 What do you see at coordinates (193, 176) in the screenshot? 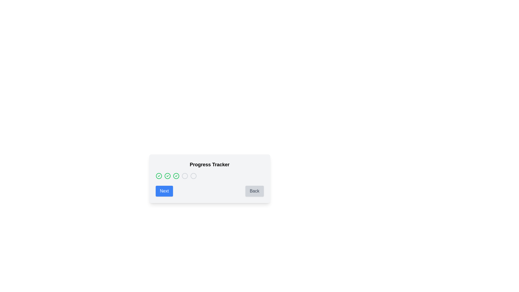
I see `the status represented by the fifth circular icon in the progress stage indicator, which is part of a sequence of six icons arranged horizontally near the middle-top of the progress tracker section` at bounding box center [193, 176].